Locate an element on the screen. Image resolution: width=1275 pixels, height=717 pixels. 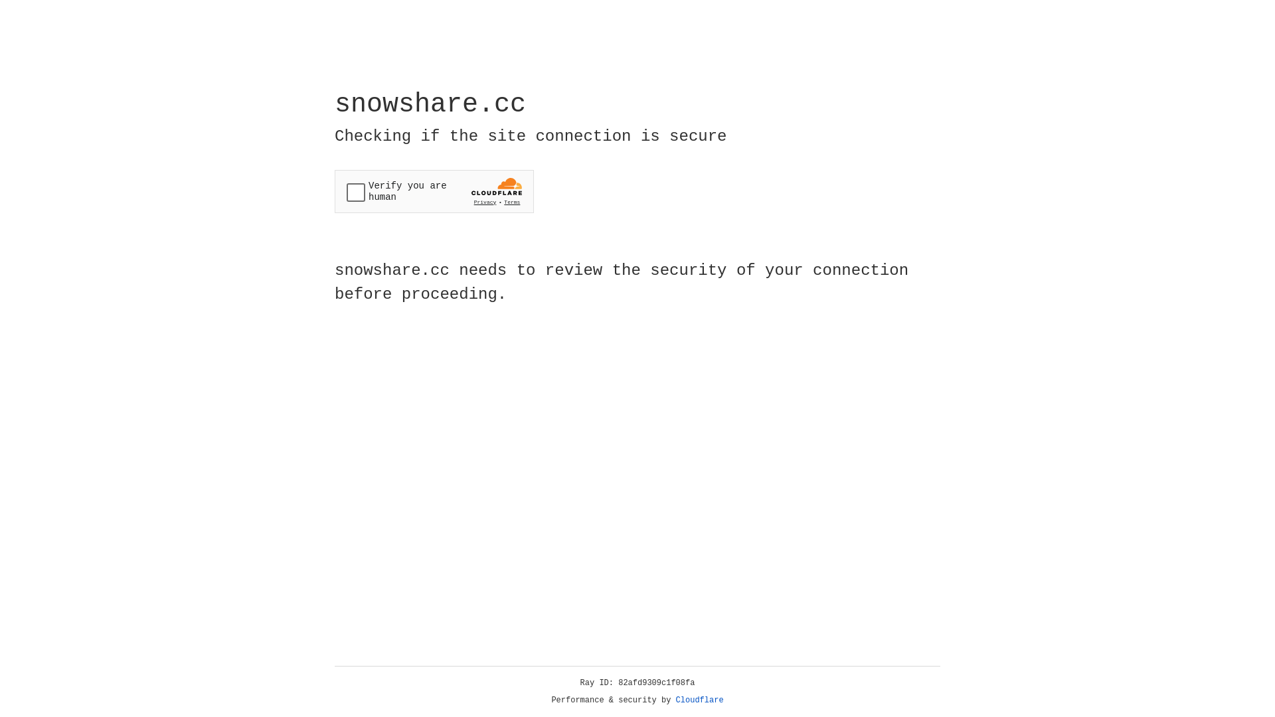
'Widget containing a Cloudflare security challenge' is located at coordinates (434, 191).